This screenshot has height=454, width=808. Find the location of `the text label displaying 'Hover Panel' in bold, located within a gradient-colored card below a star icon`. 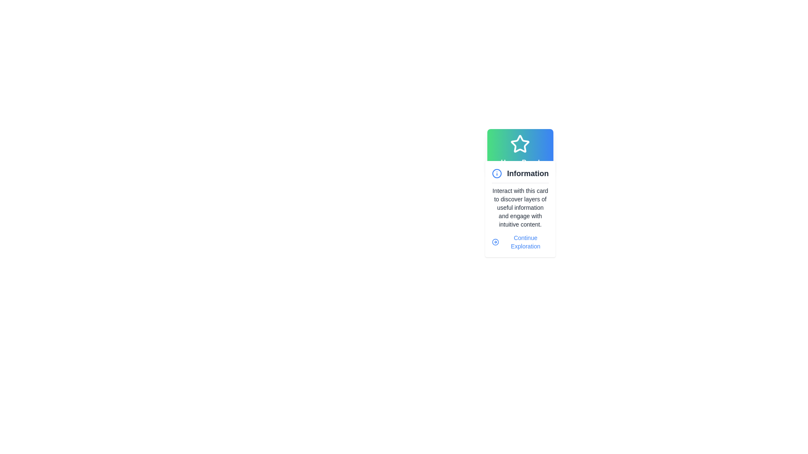

the text label displaying 'Hover Panel' in bold, located within a gradient-colored card below a star icon is located at coordinates (520, 162).